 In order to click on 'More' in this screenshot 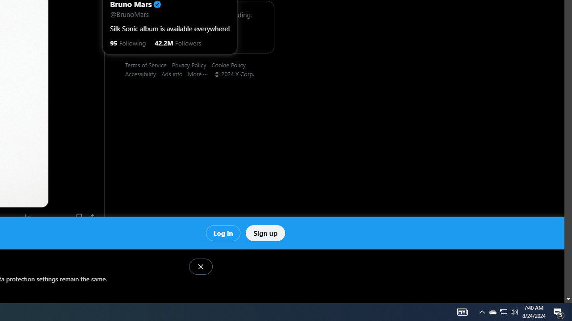, I will do `click(201, 73)`.